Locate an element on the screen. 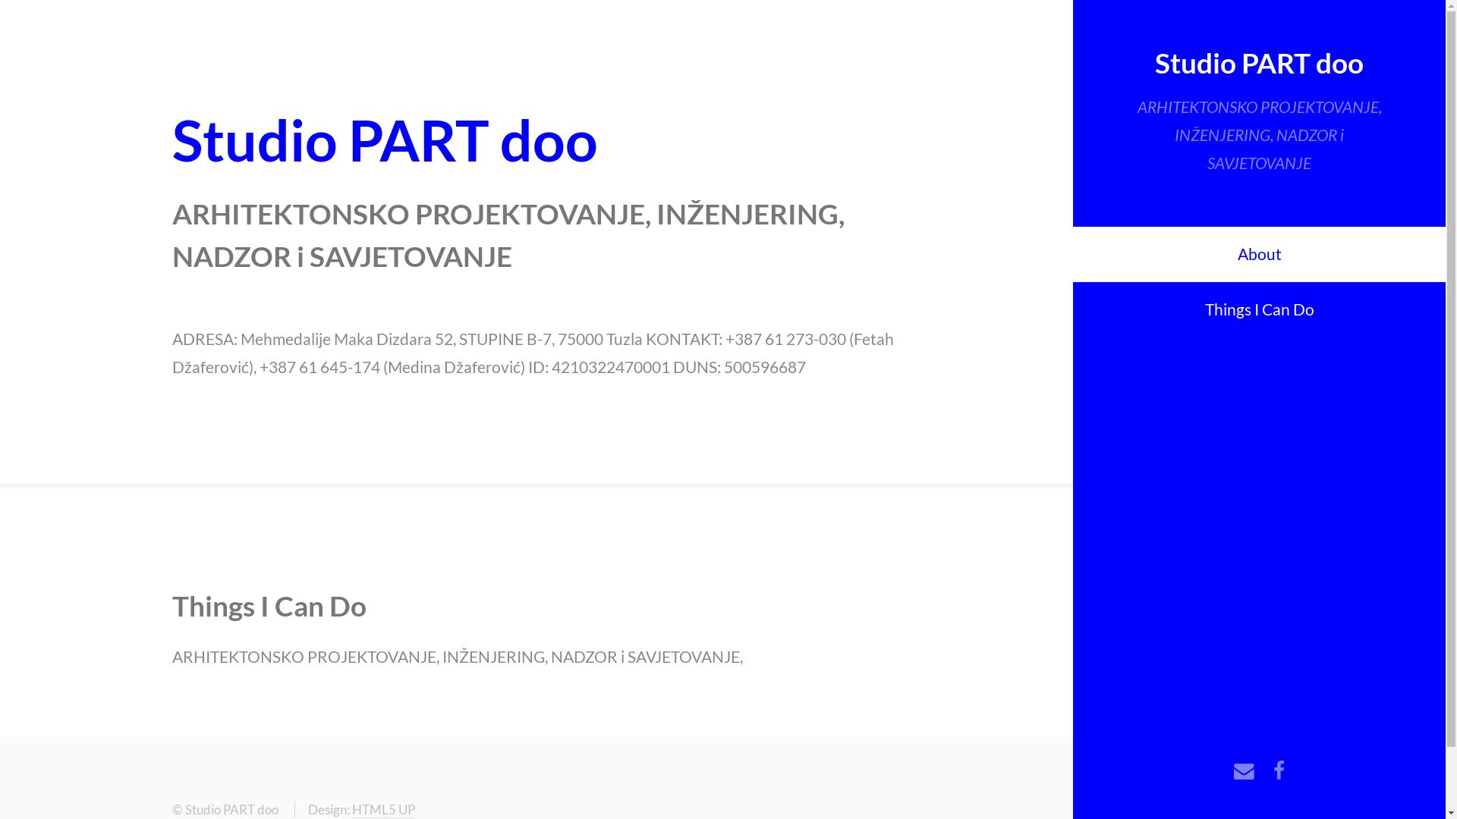 The height and width of the screenshot is (819, 1457). 'Facebook' is located at coordinates (1278, 772).